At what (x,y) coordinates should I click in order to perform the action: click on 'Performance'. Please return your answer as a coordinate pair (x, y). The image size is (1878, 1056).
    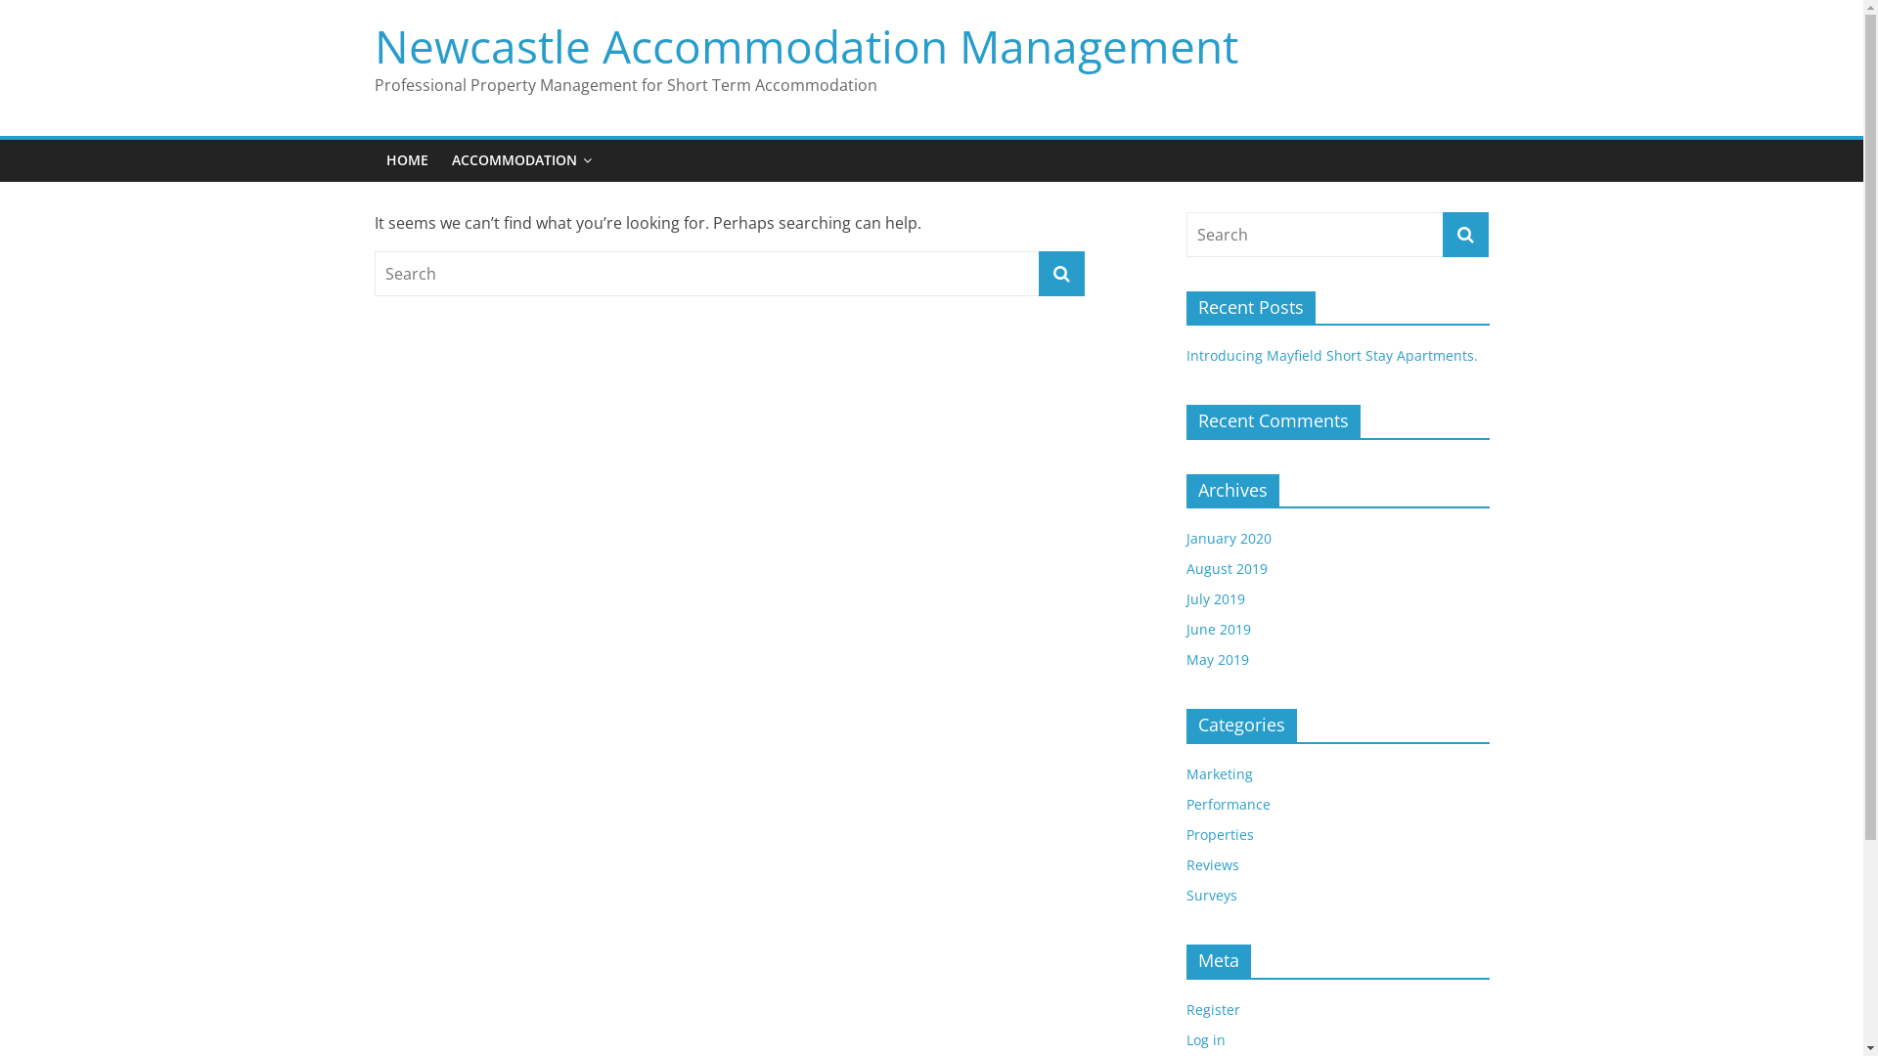
    Looking at the image, I should click on (1226, 804).